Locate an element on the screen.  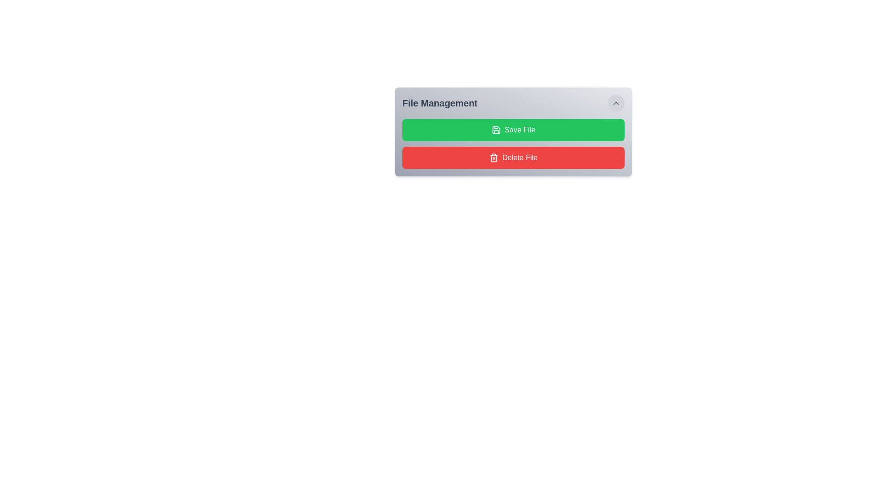
the text label that indicates the functionality of the 'Save File' button, which is located to the right of the floppy disk icon within the button is located at coordinates (520, 130).